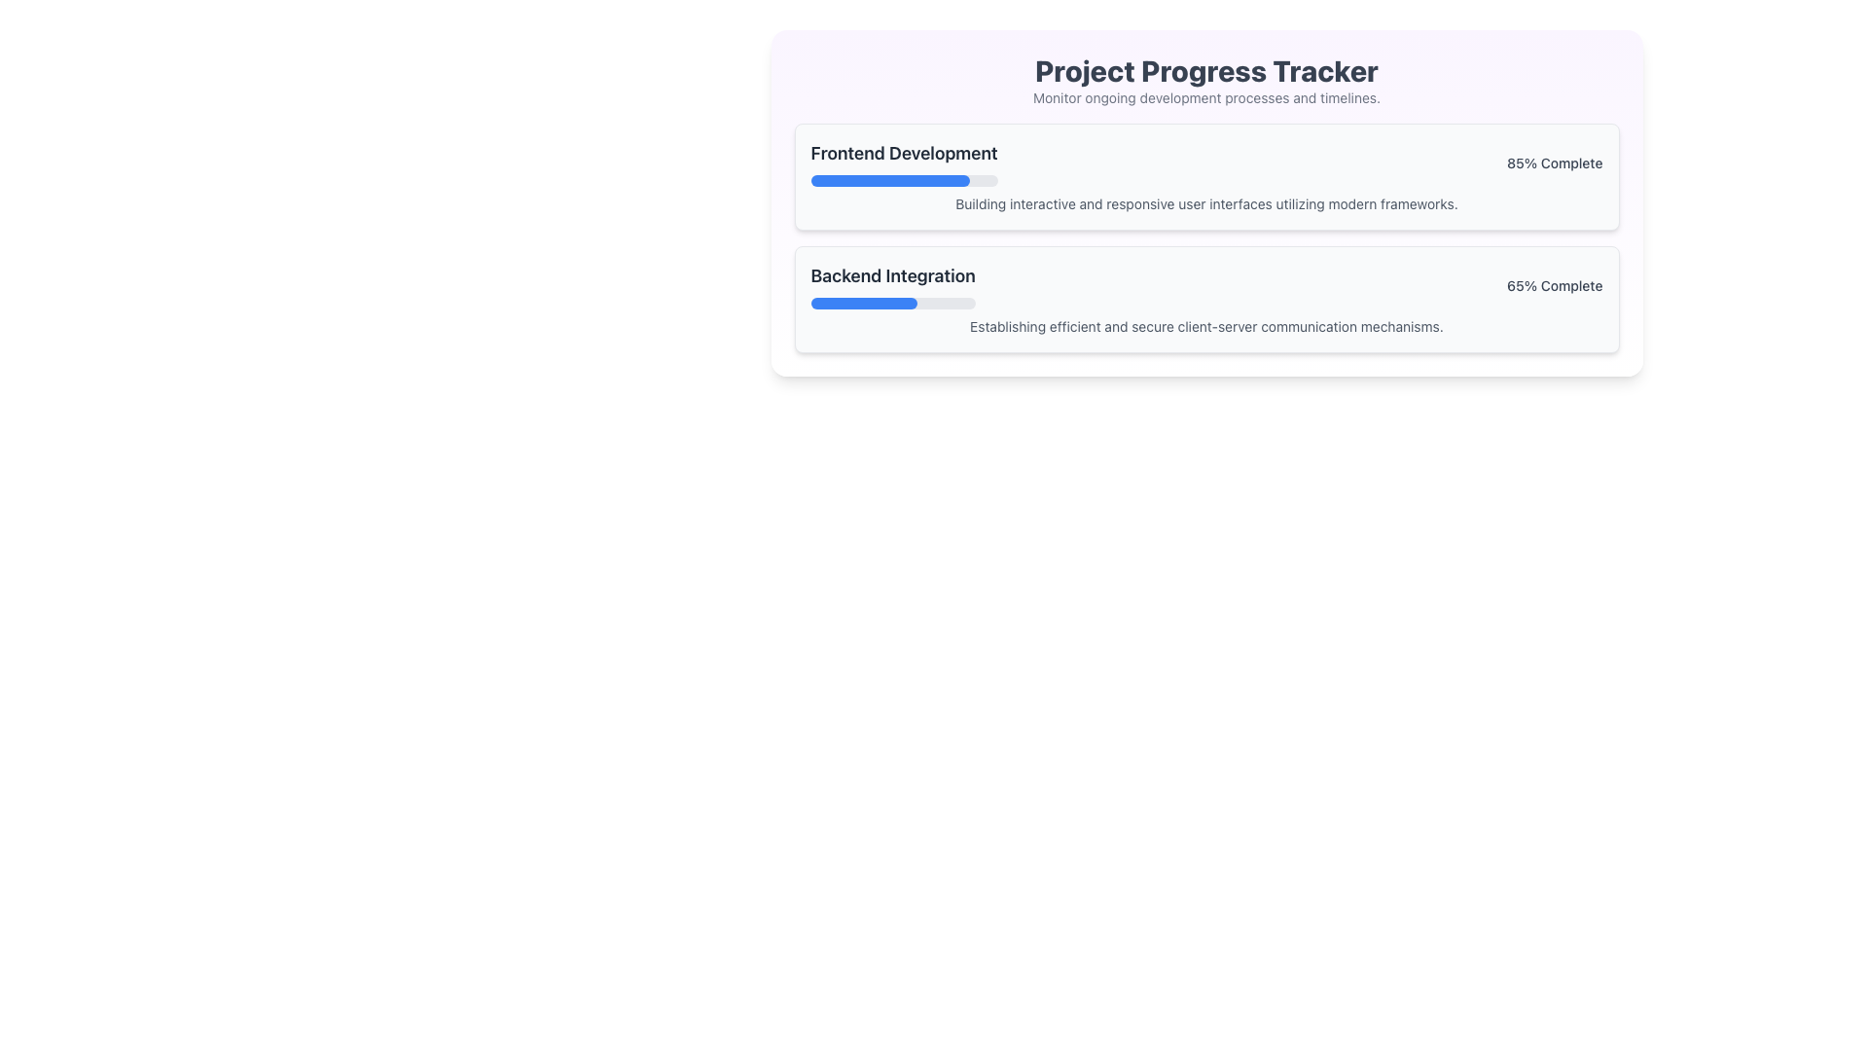 The width and height of the screenshot is (1868, 1051). Describe the element at coordinates (1205, 80) in the screenshot. I see `the text display component titled 'Project Progress Tracker' which features a subtitle describing the monitoring of ongoing development processes` at that location.